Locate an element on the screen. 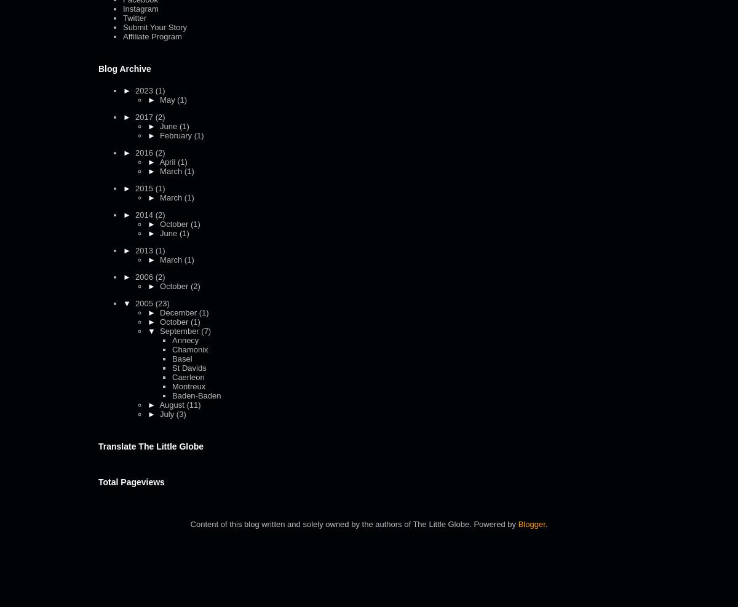 This screenshot has height=607, width=738. 'Twitter' is located at coordinates (134, 17).